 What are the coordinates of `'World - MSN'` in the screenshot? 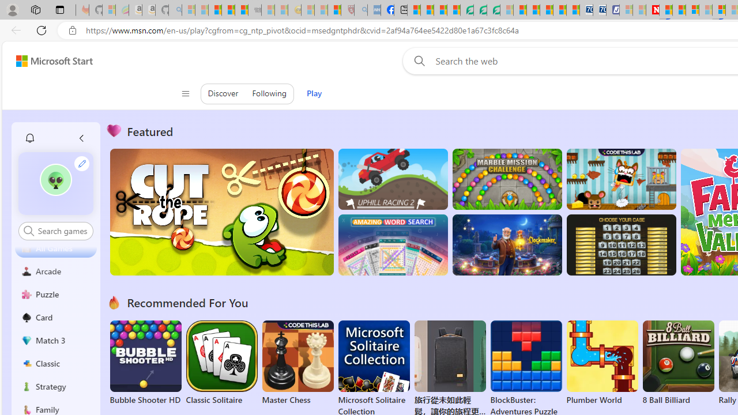 It's located at (439, 10).